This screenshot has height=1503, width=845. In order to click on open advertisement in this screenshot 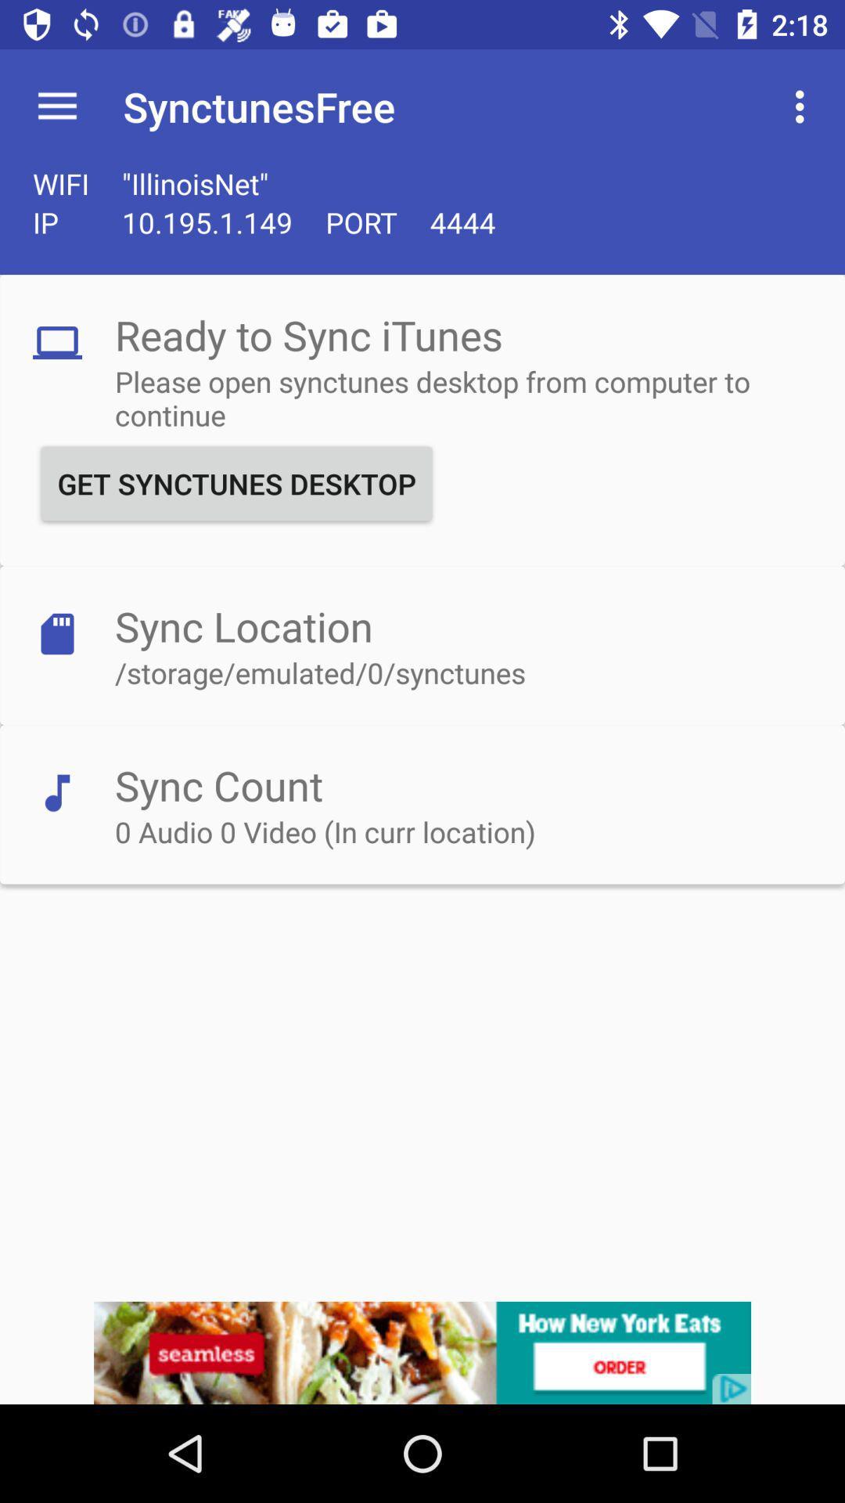, I will do `click(422, 1352)`.